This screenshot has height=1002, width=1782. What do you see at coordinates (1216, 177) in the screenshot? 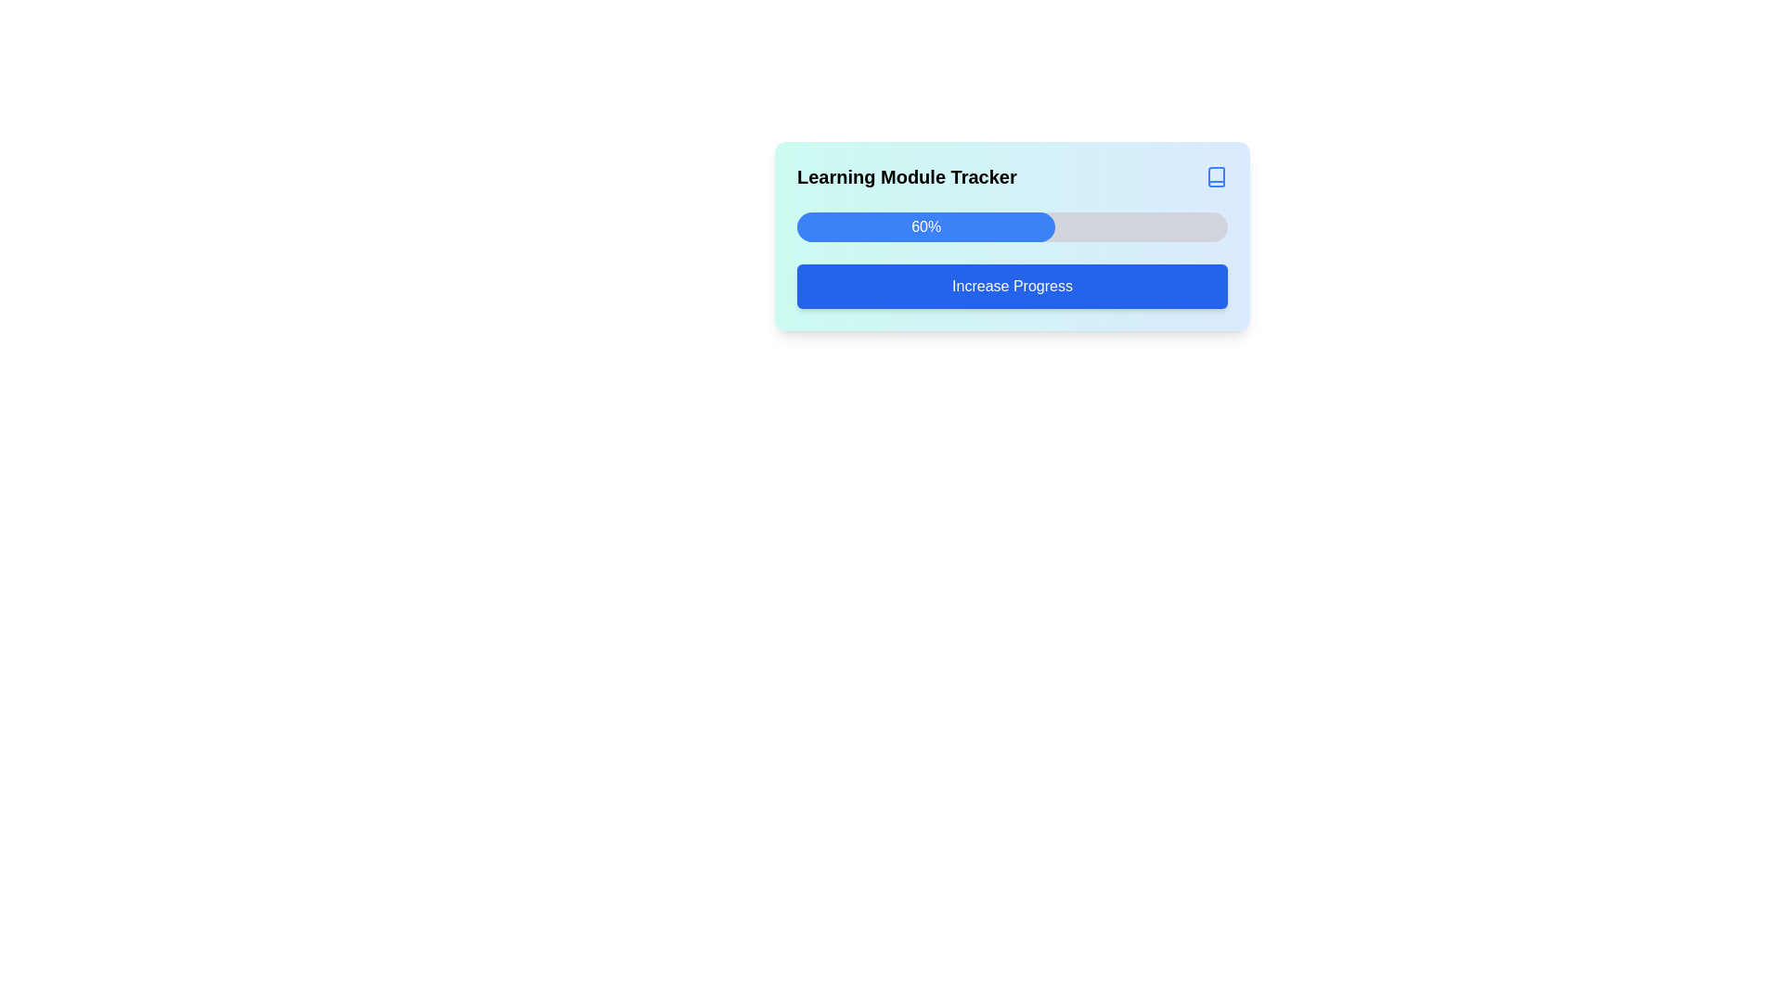
I see `the book-related icon located on the far right side of the header section next to the 'Learning Module Tracker' text` at bounding box center [1216, 177].